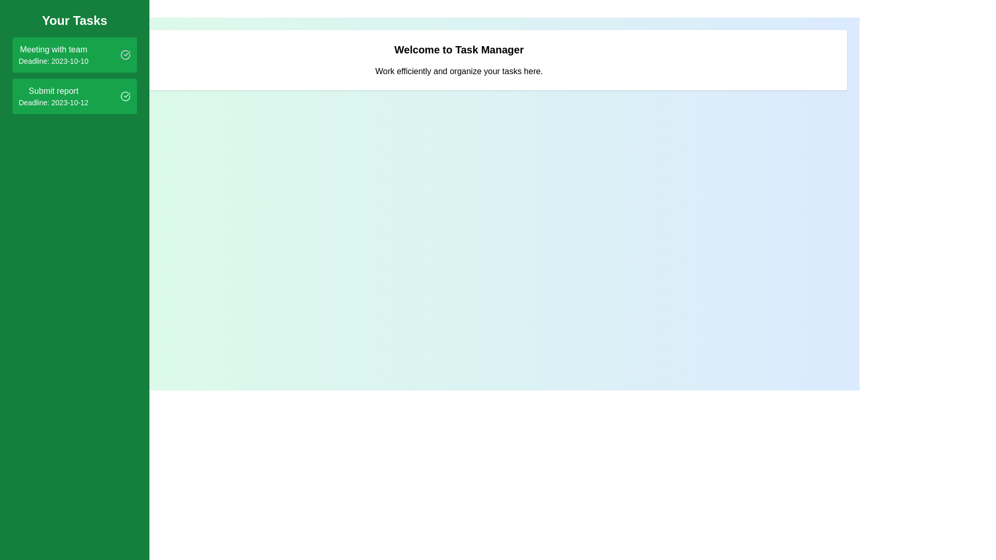  Describe the element at coordinates (74, 54) in the screenshot. I see `the task Meeting with team to observe its hover effect` at that location.